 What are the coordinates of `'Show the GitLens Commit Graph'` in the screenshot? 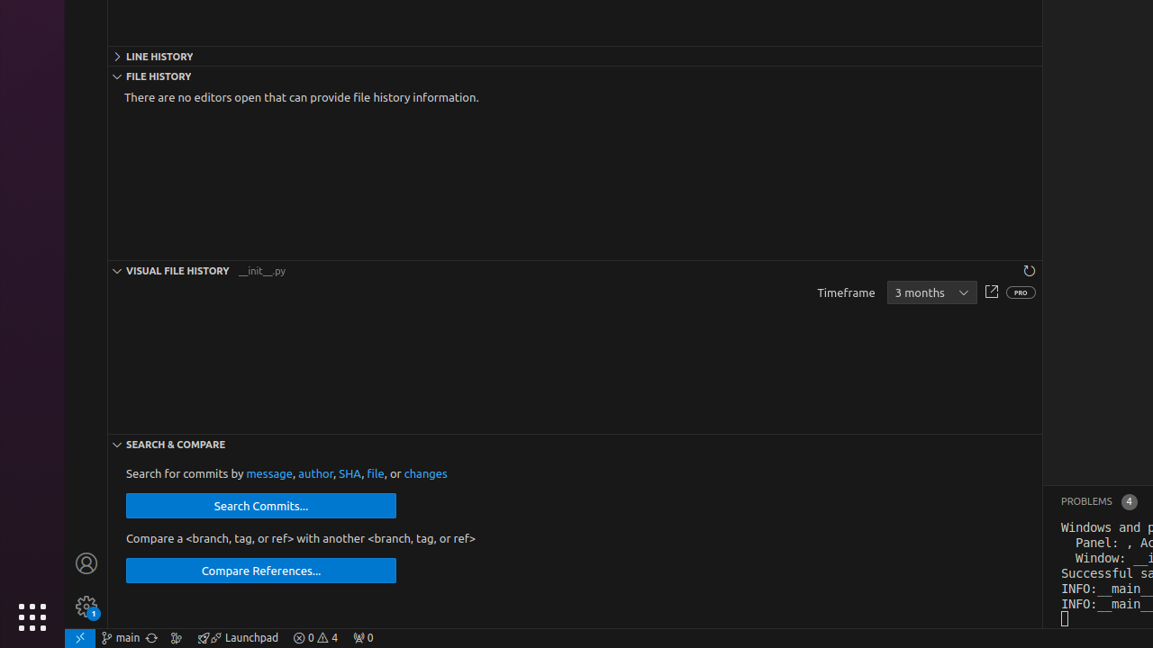 It's located at (177, 636).